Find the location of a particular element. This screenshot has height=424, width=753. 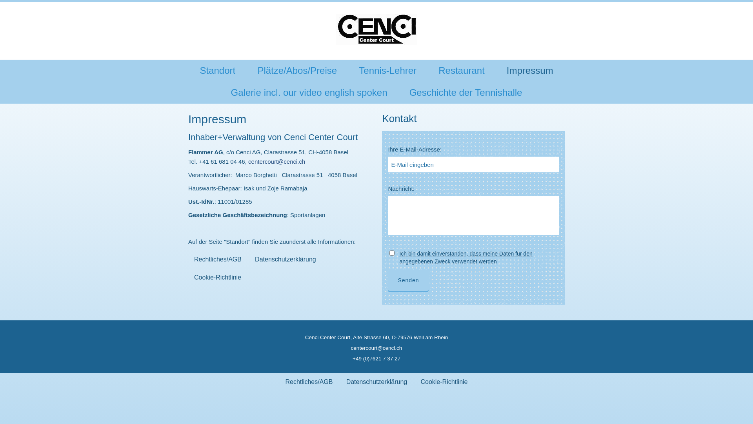

'Tennis-Lehrer' is located at coordinates (387, 71).